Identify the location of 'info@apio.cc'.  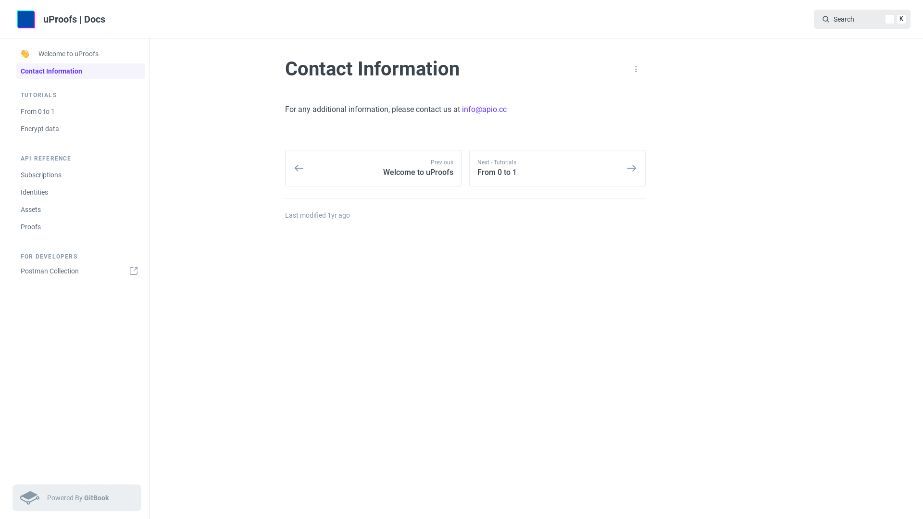
(484, 109).